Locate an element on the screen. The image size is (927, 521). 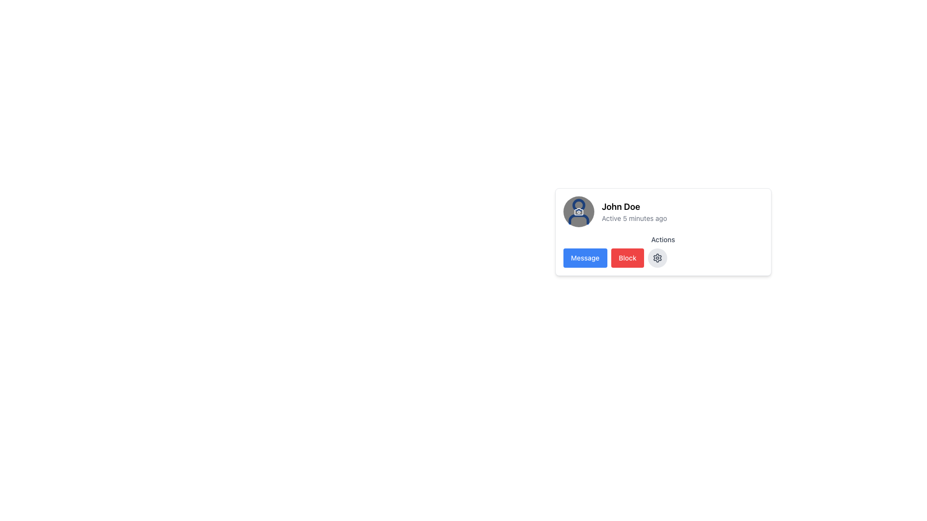
the Text Label that provides a descriptive title for the action buttons below it, located in the user profile card above the 'Message' and 'Block' buttons is located at coordinates (662, 239).